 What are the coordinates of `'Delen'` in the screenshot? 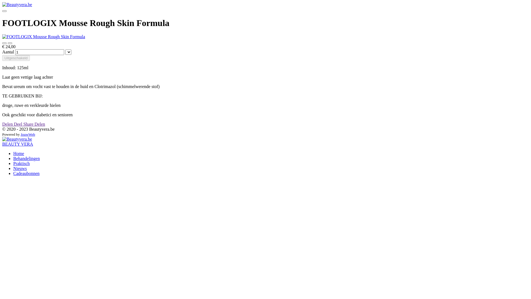 It's located at (40, 124).